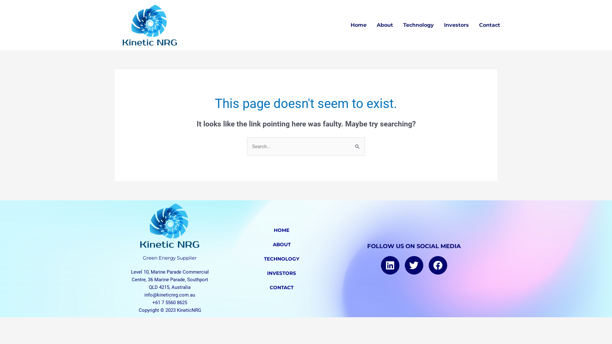 The width and height of the screenshot is (612, 344). I want to click on 'Facebook', so click(428, 265).